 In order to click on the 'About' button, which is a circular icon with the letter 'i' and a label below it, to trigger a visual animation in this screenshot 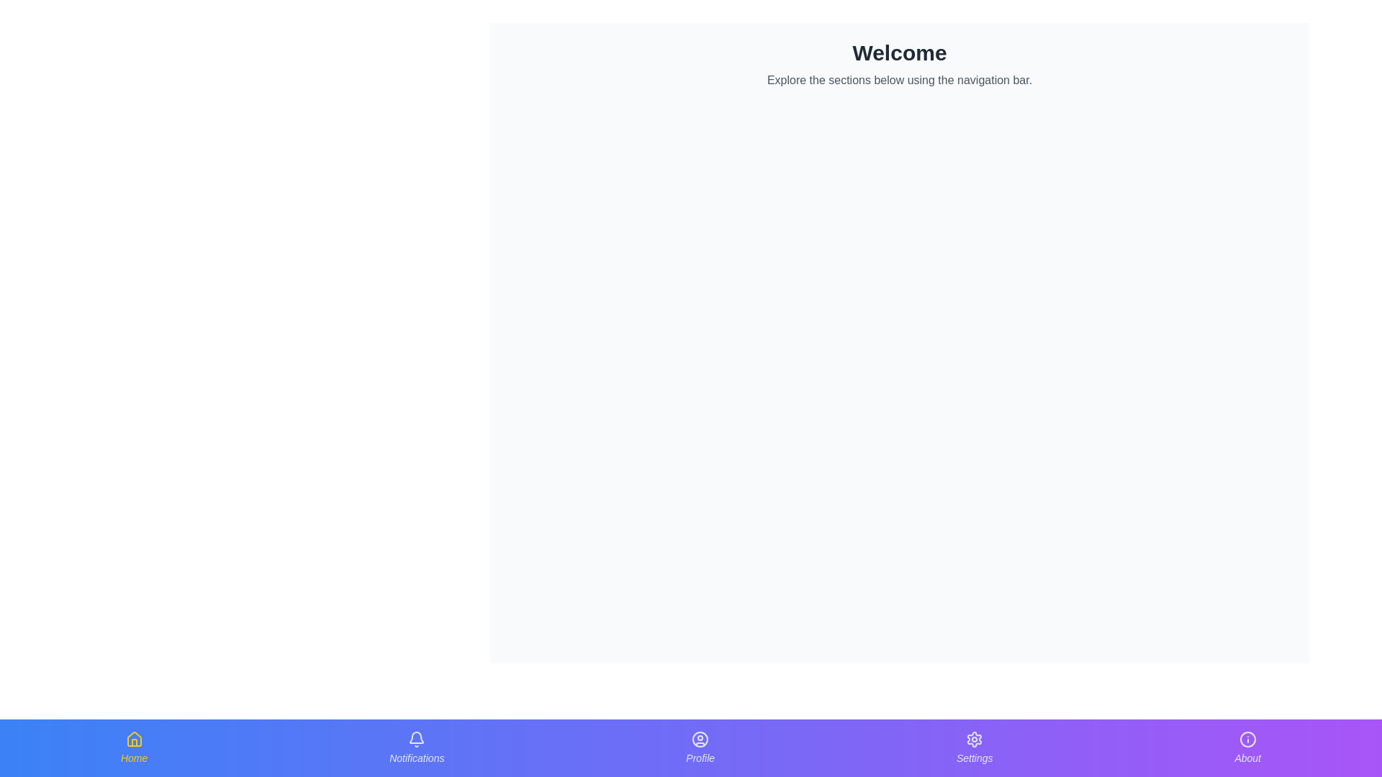, I will do `click(1247, 748)`.